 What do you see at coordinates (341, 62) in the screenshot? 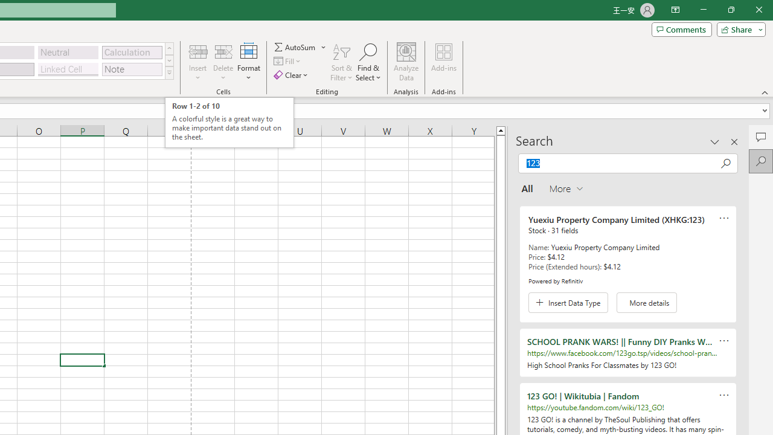
I see `'Sort & Filter'` at bounding box center [341, 62].